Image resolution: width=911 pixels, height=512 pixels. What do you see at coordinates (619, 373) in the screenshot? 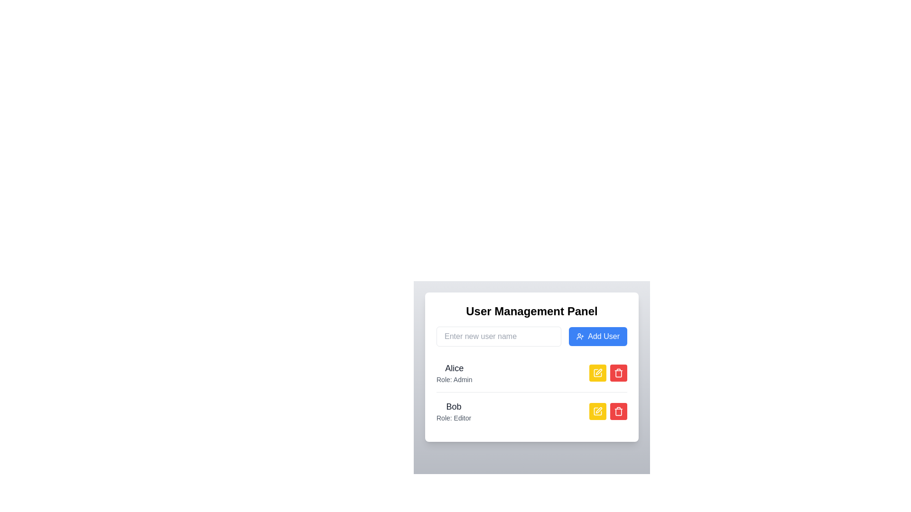
I see `trash bin icon located near the 'Bob' user entry in the user management panel for accessibility testing` at bounding box center [619, 373].